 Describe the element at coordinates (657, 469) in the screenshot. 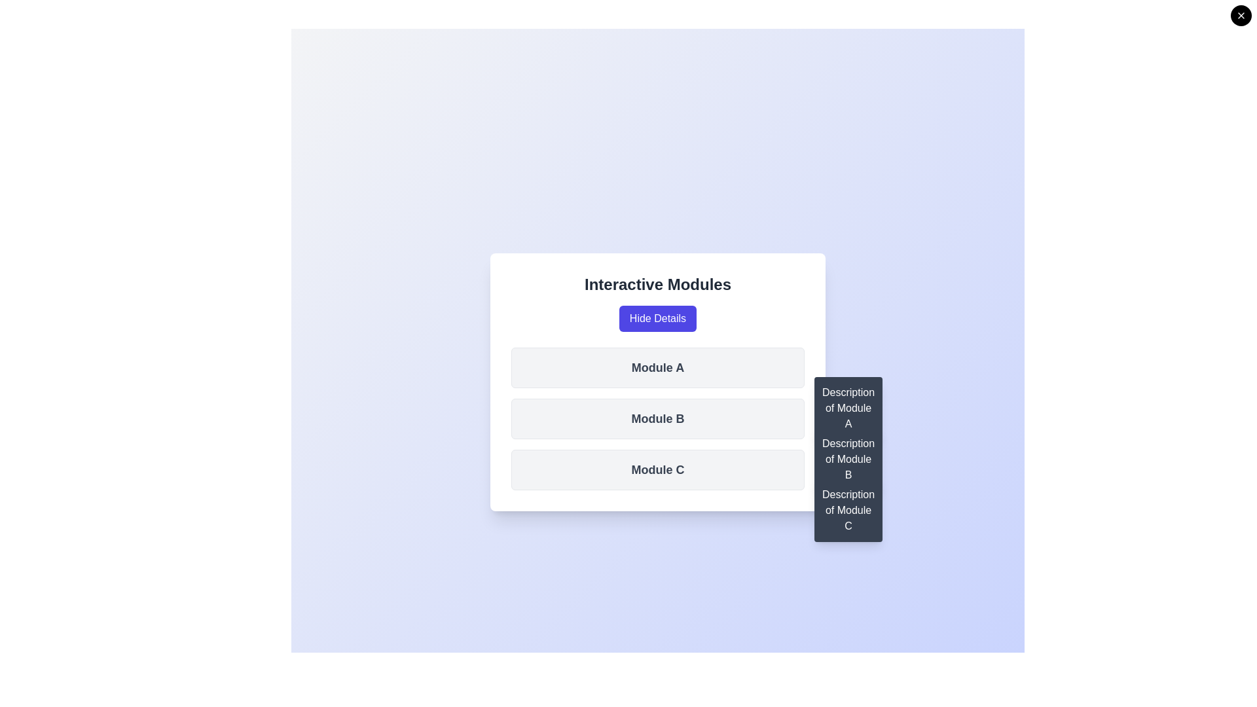

I see `the Text label representing the 'Module C' section, which is located at the center of the third horizontal module below the title 'Interactive Modules' and the purple button 'Hide Details.'` at that location.